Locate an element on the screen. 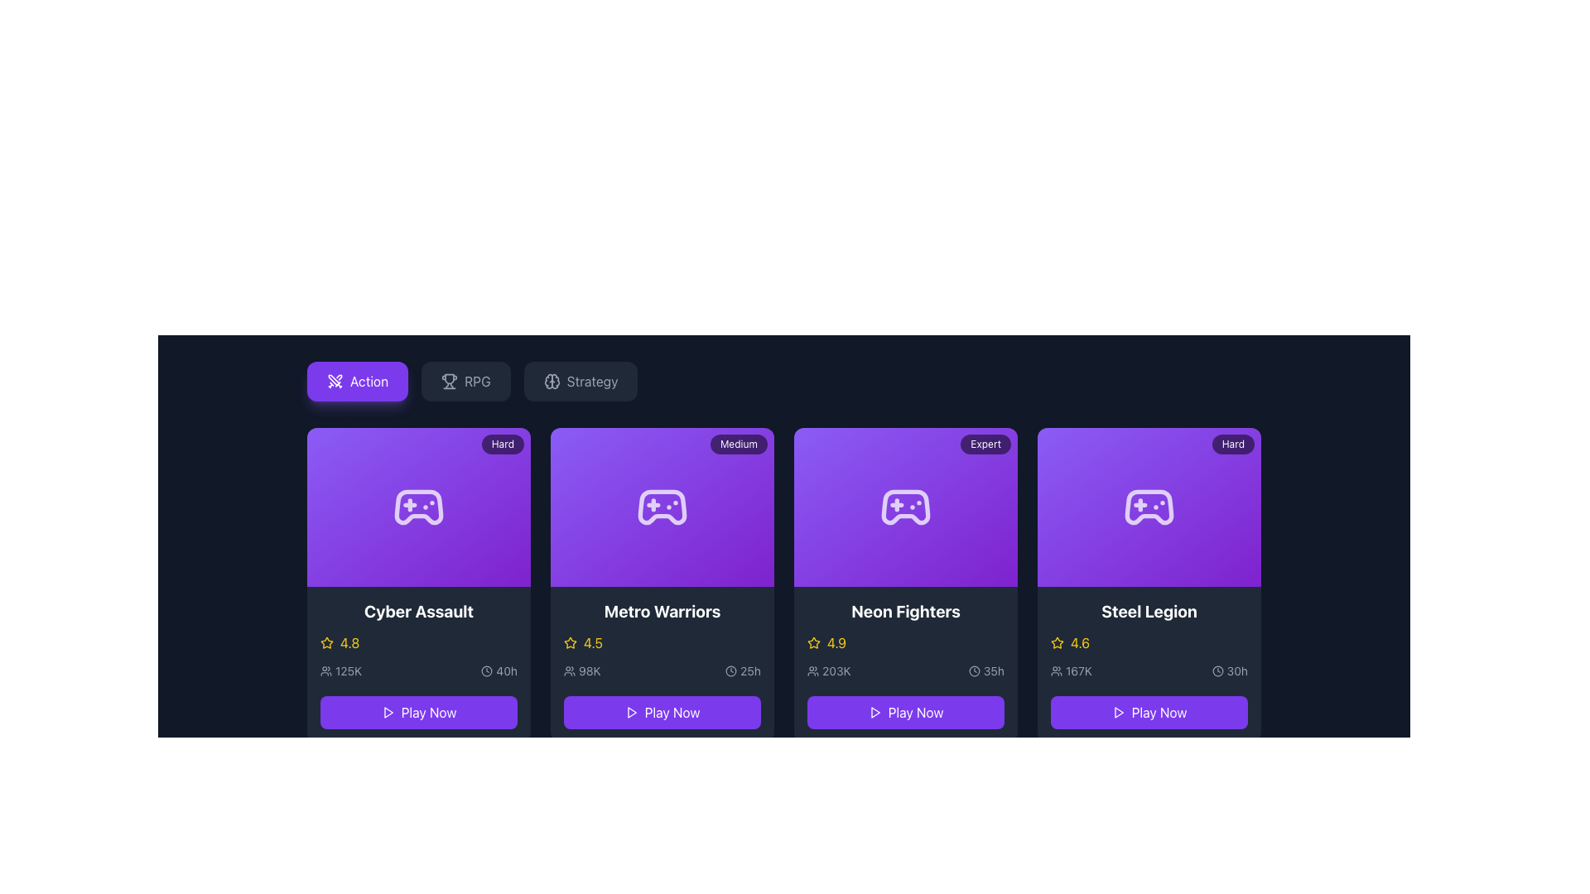 The height and width of the screenshot is (894, 1590). the 'Play Now' button located in the fourth column of the grid, directly below the 'Steel Legion' card content to initiate the action is located at coordinates (1148, 711).